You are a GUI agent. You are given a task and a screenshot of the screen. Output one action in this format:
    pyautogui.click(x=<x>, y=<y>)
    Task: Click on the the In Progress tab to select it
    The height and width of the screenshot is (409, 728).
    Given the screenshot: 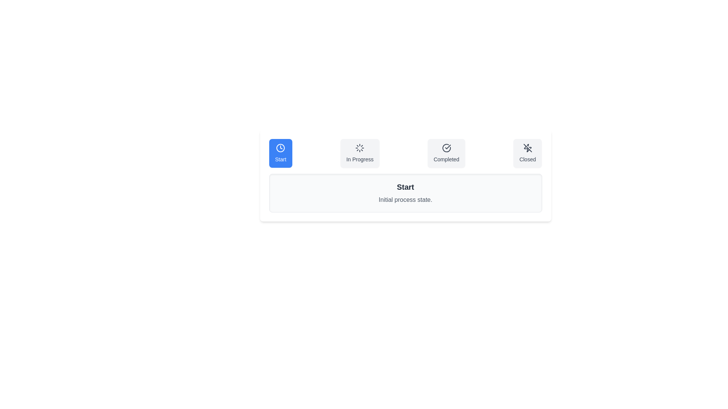 What is the action you would take?
    pyautogui.click(x=359, y=153)
    